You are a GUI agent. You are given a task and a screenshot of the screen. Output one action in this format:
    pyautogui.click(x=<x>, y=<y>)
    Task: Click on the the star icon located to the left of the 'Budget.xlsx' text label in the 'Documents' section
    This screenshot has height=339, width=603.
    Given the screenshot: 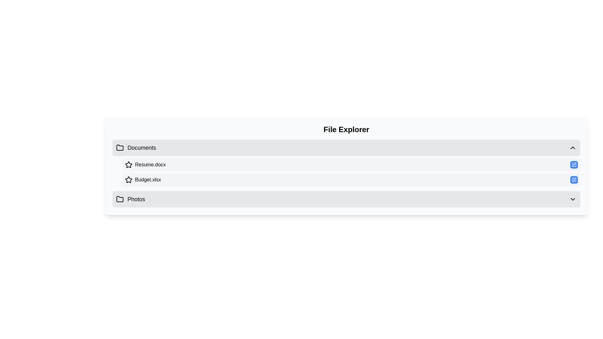 What is the action you would take?
    pyautogui.click(x=128, y=180)
    